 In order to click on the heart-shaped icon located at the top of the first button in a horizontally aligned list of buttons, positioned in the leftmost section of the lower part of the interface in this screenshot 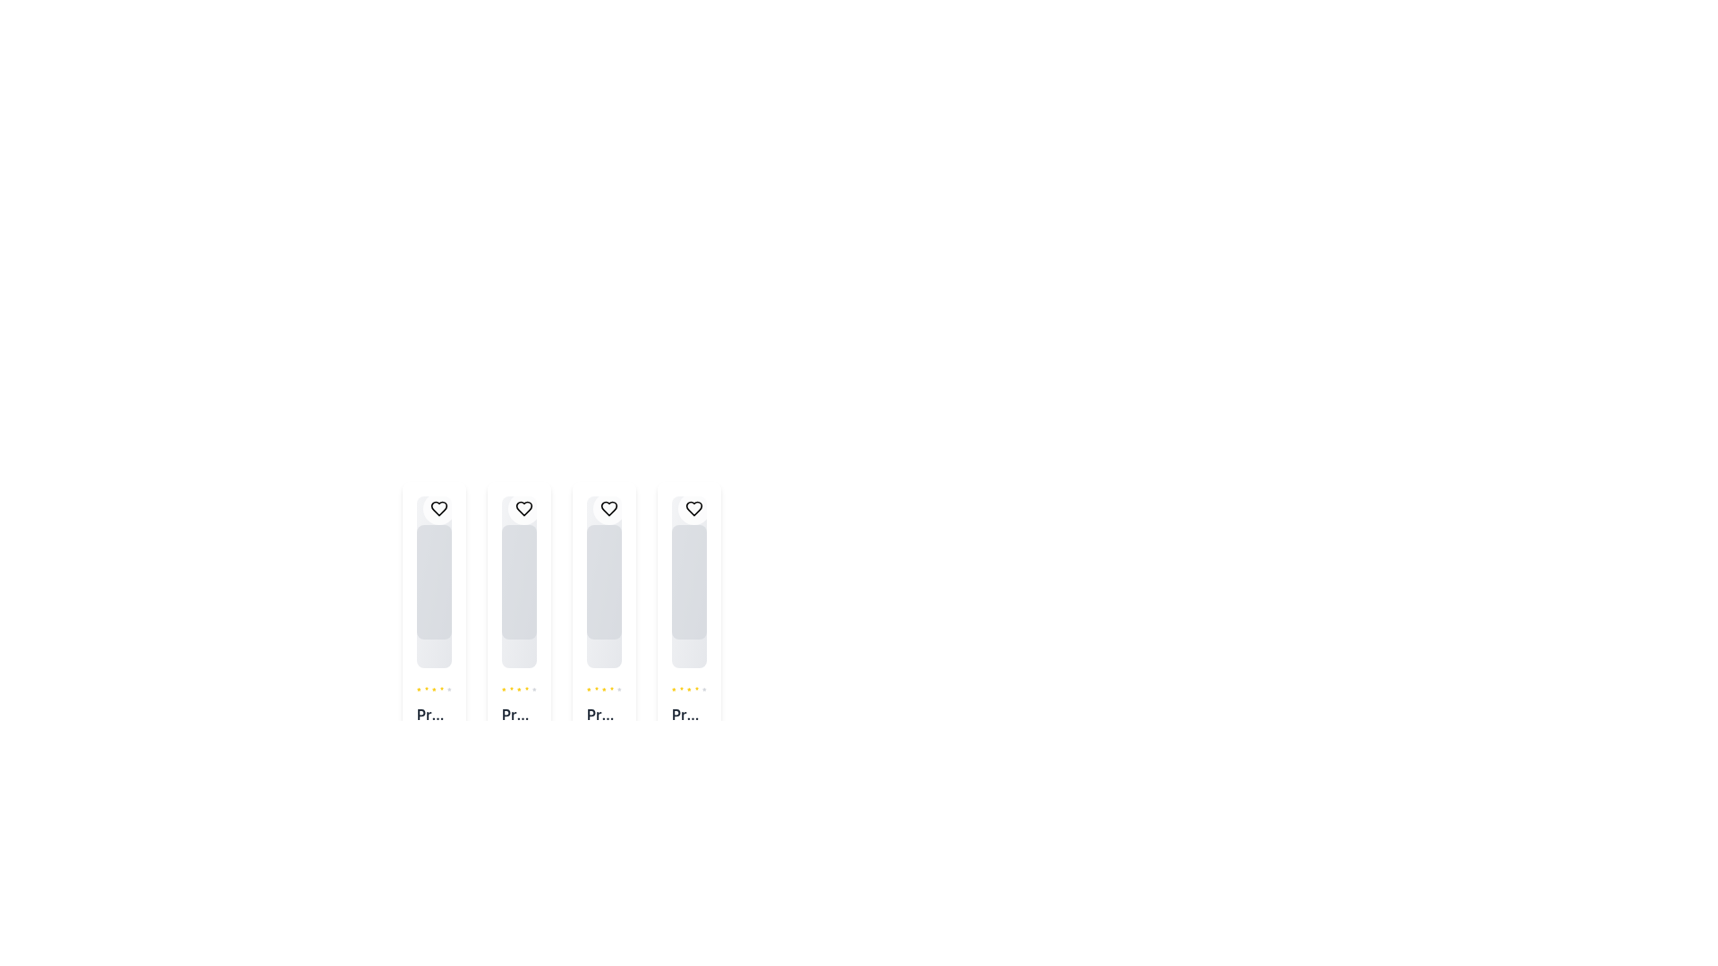, I will do `click(438, 509)`.